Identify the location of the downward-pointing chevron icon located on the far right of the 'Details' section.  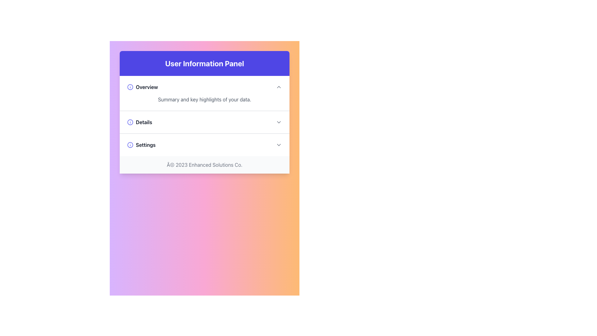
(279, 122).